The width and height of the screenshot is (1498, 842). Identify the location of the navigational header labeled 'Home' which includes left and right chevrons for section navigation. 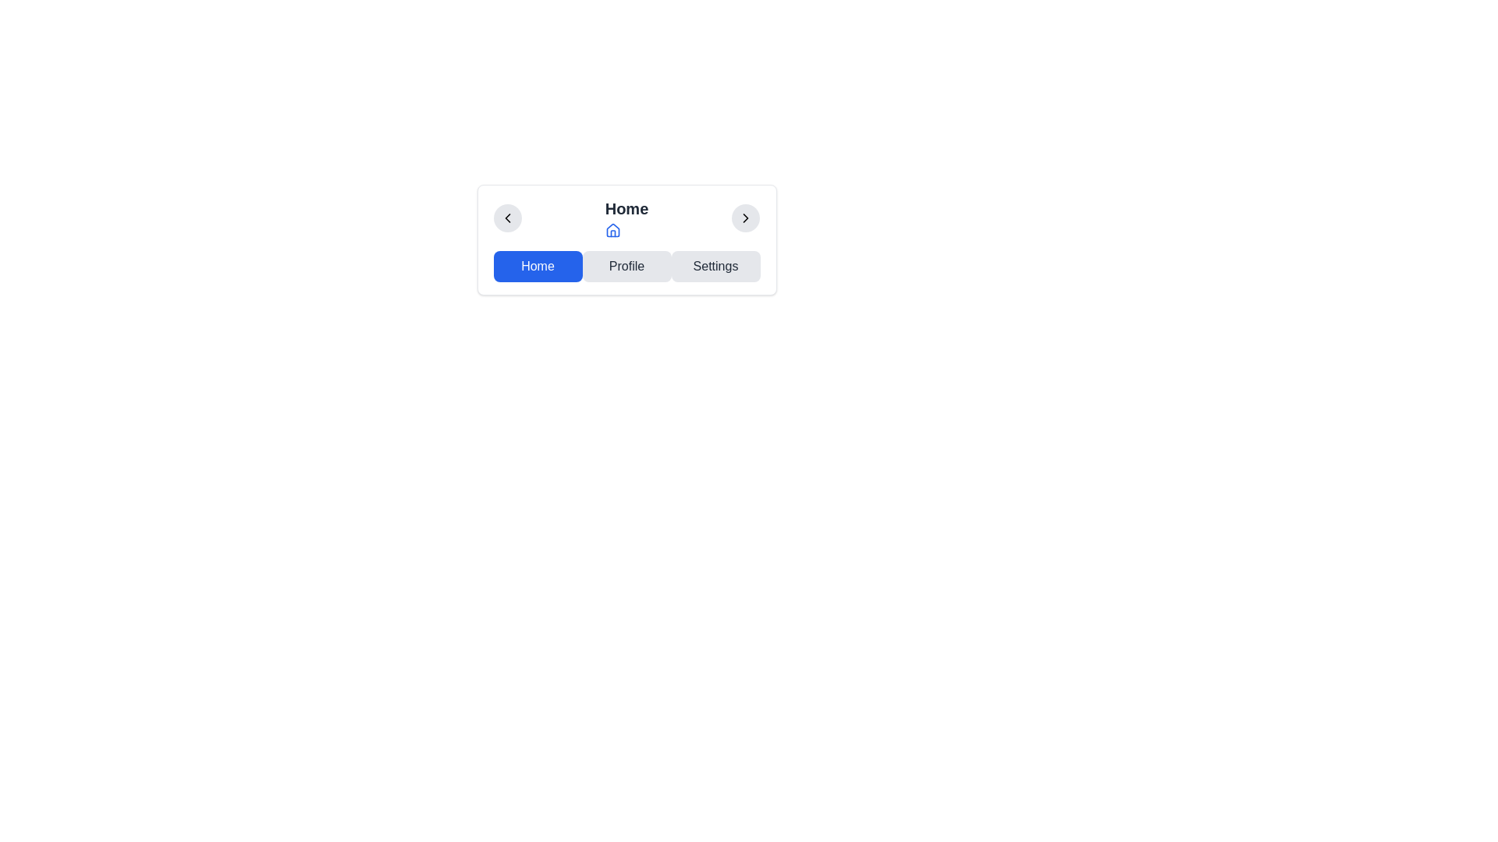
(627, 218).